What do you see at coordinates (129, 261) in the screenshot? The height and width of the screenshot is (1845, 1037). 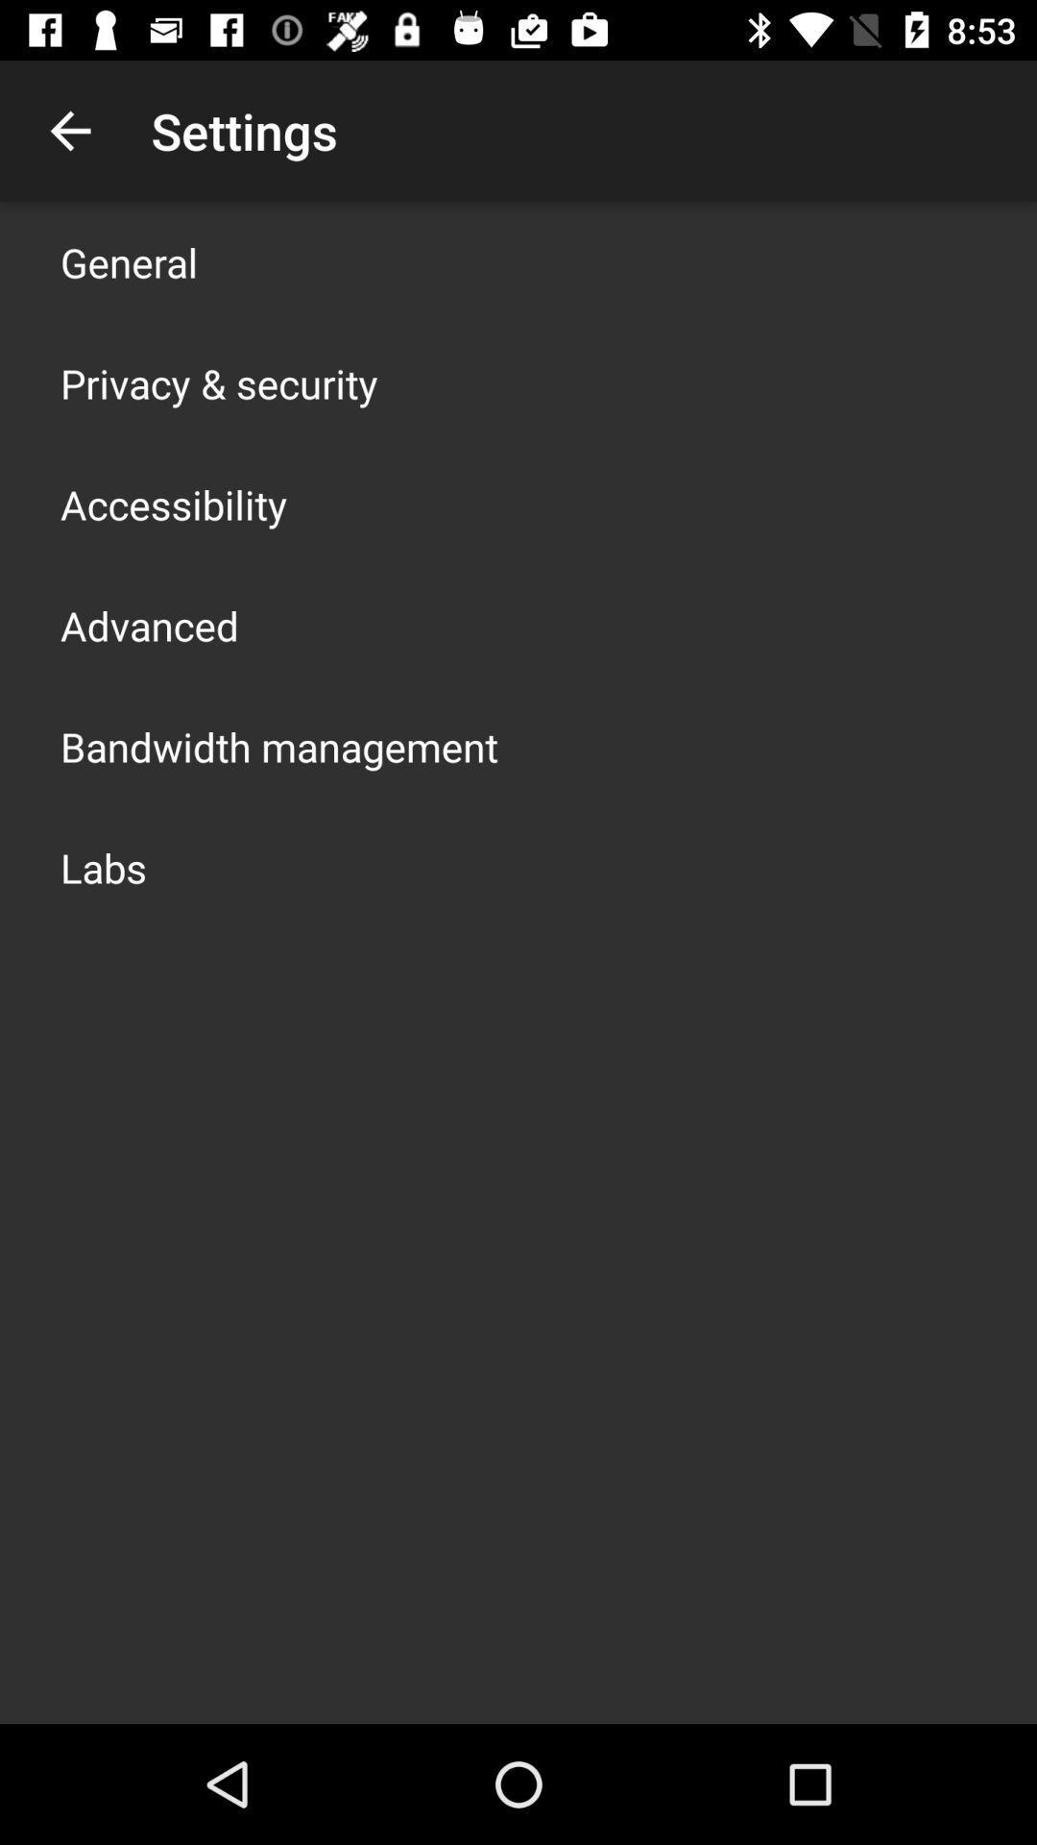 I see `the general icon` at bounding box center [129, 261].